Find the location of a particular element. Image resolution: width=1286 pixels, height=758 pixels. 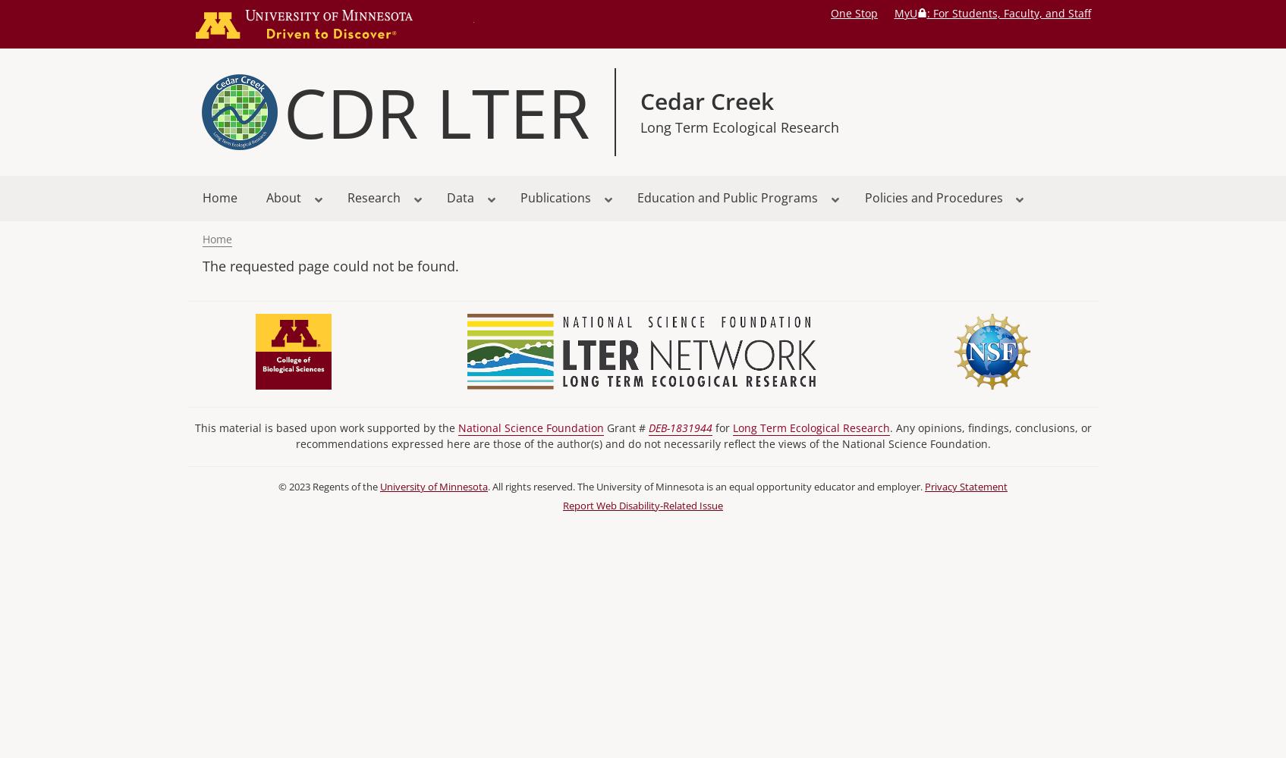

'Cedar Creek' is located at coordinates (706, 101).